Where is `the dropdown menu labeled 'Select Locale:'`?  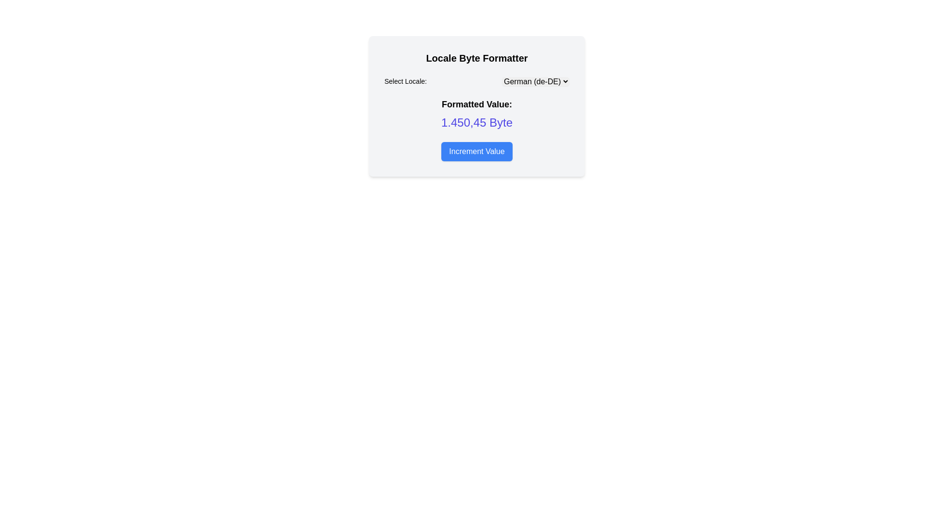 the dropdown menu labeled 'Select Locale:' is located at coordinates (476, 81).